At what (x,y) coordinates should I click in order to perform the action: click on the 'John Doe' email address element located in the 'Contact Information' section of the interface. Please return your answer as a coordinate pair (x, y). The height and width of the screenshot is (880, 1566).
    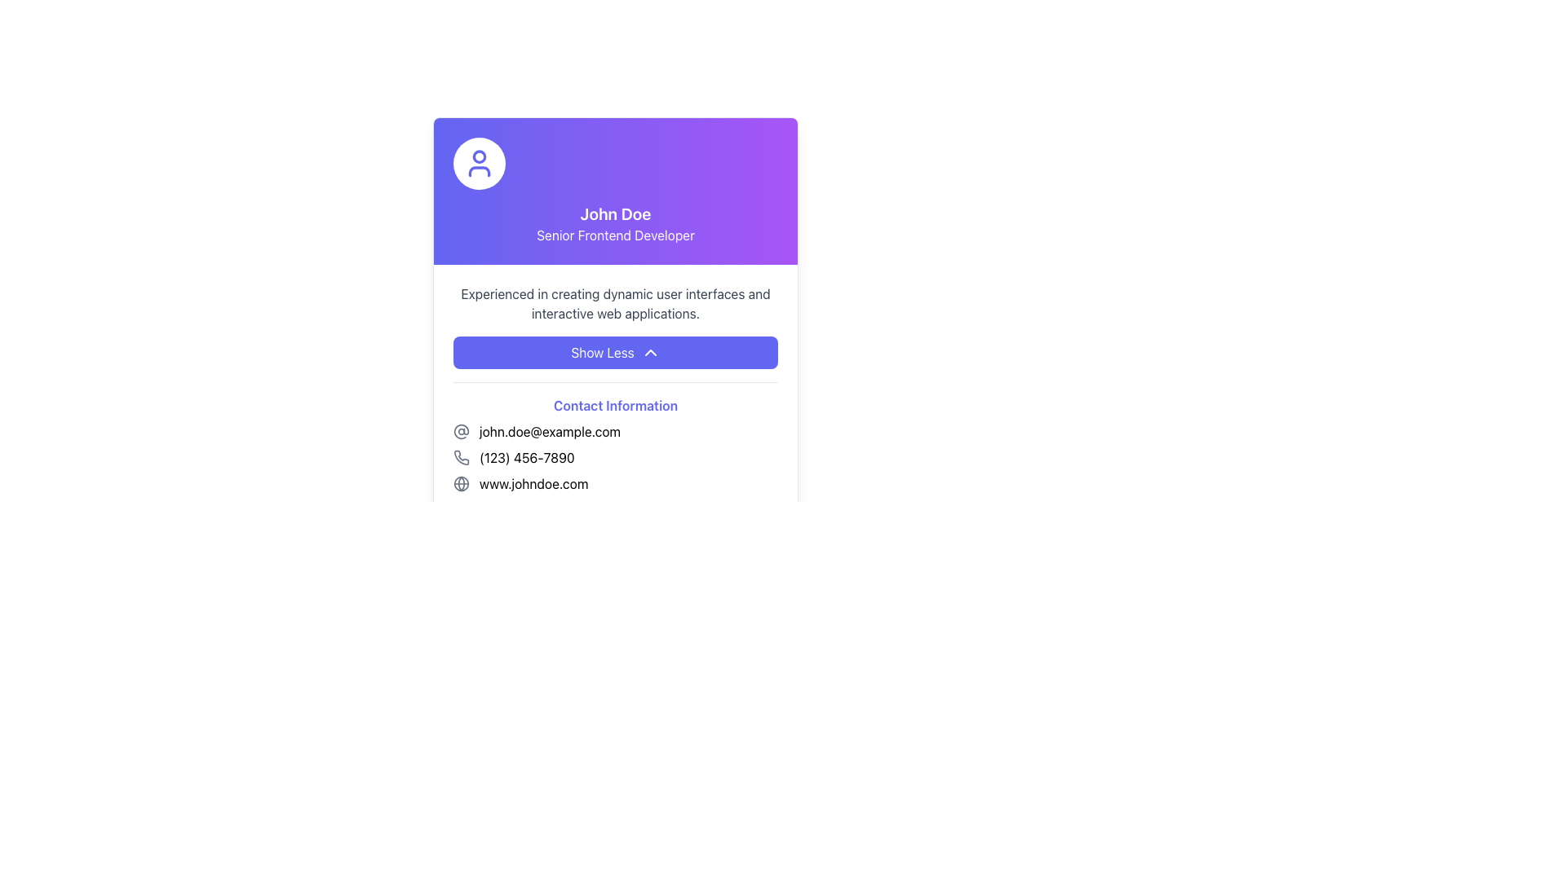
    Looking at the image, I should click on (614, 430).